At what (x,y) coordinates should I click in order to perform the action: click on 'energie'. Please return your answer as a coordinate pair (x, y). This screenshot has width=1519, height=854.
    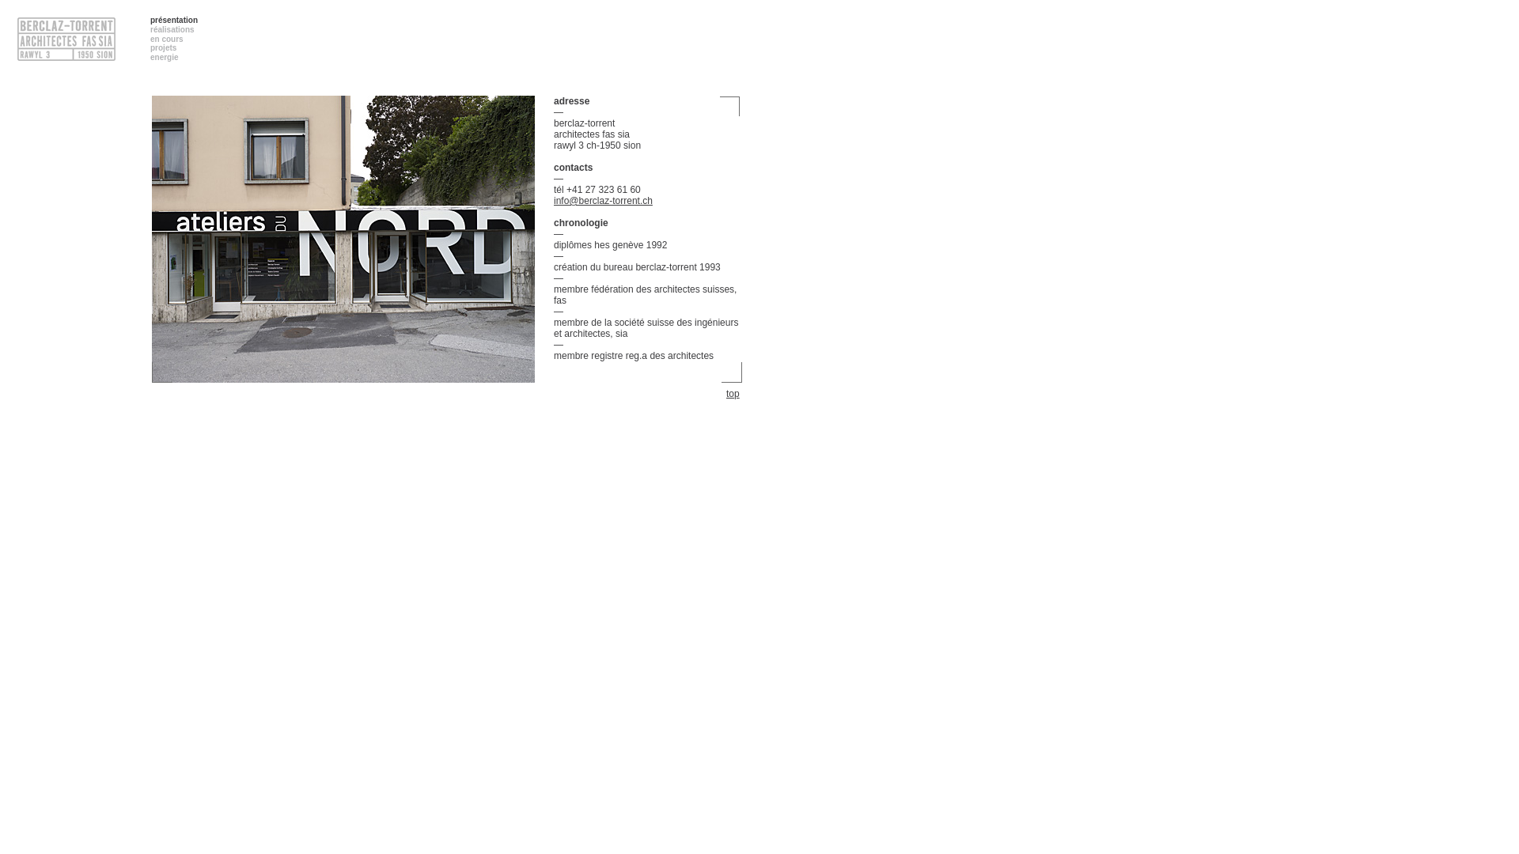
    Looking at the image, I should click on (164, 56).